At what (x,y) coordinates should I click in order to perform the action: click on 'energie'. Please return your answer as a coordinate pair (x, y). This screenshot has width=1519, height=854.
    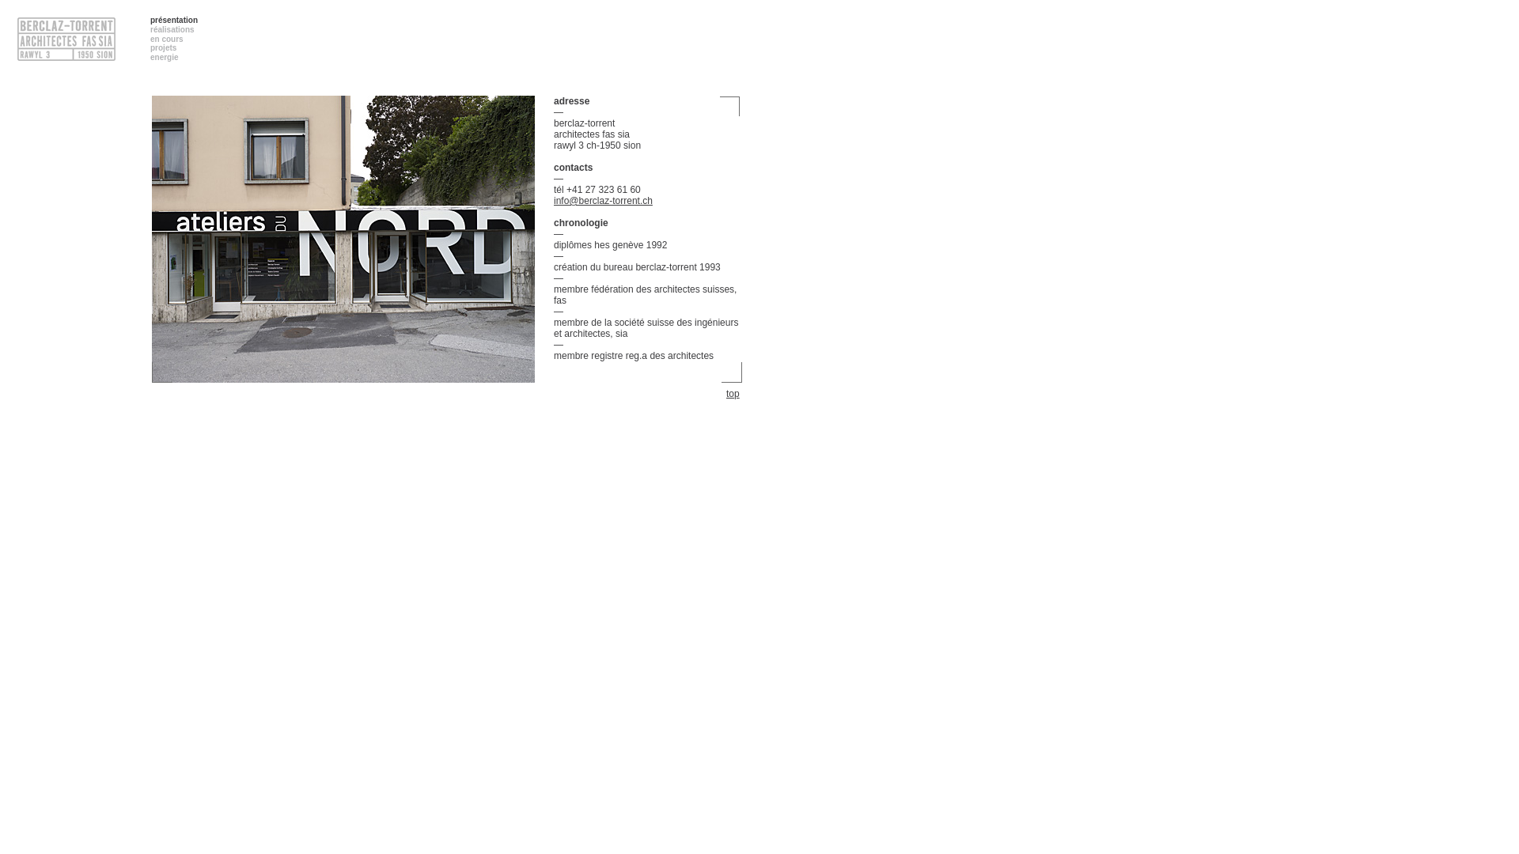
    Looking at the image, I should click on (164, 56).